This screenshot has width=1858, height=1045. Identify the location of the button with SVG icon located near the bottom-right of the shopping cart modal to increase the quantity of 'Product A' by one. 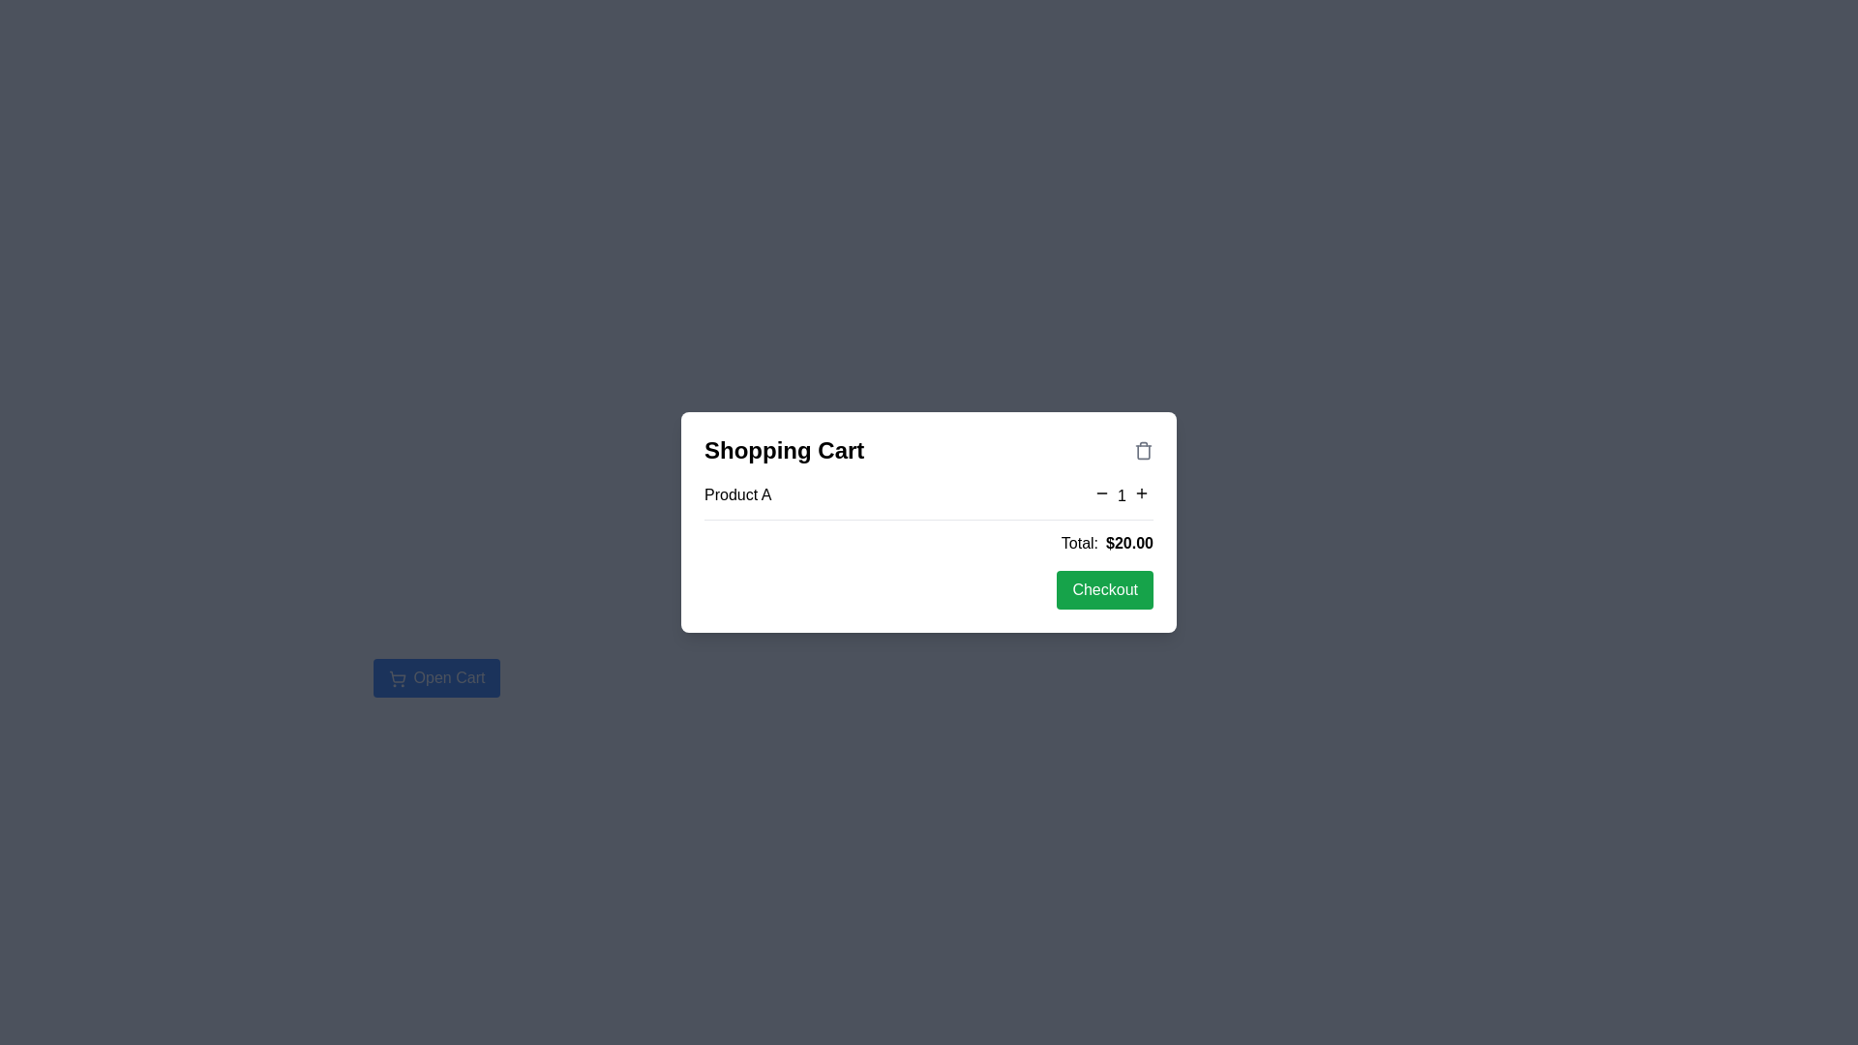
(1142, 492).